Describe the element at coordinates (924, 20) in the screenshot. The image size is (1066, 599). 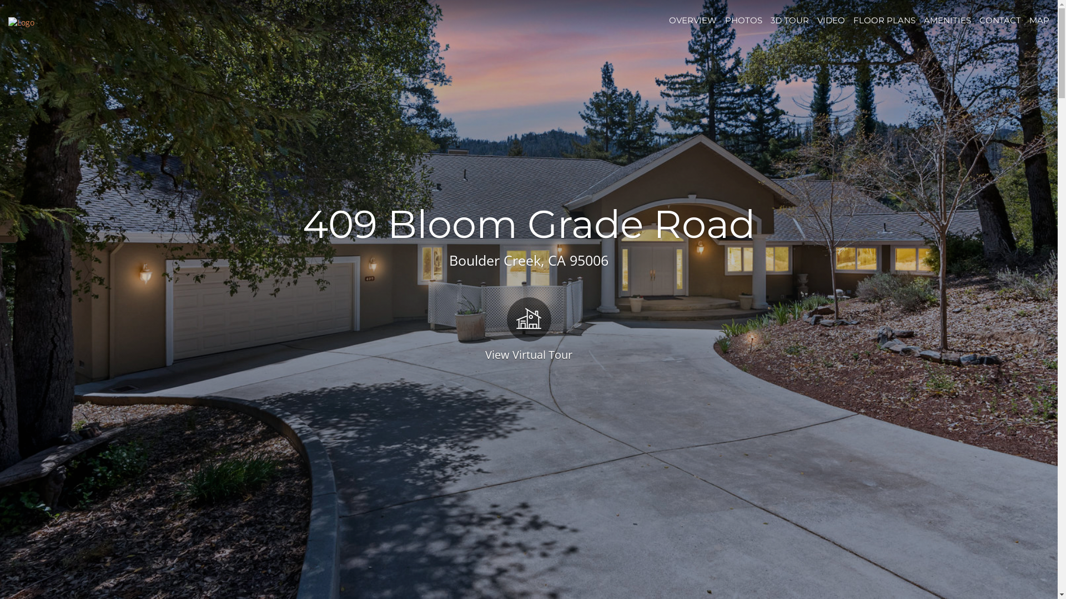
I see `'AMENITIES'` at that location.